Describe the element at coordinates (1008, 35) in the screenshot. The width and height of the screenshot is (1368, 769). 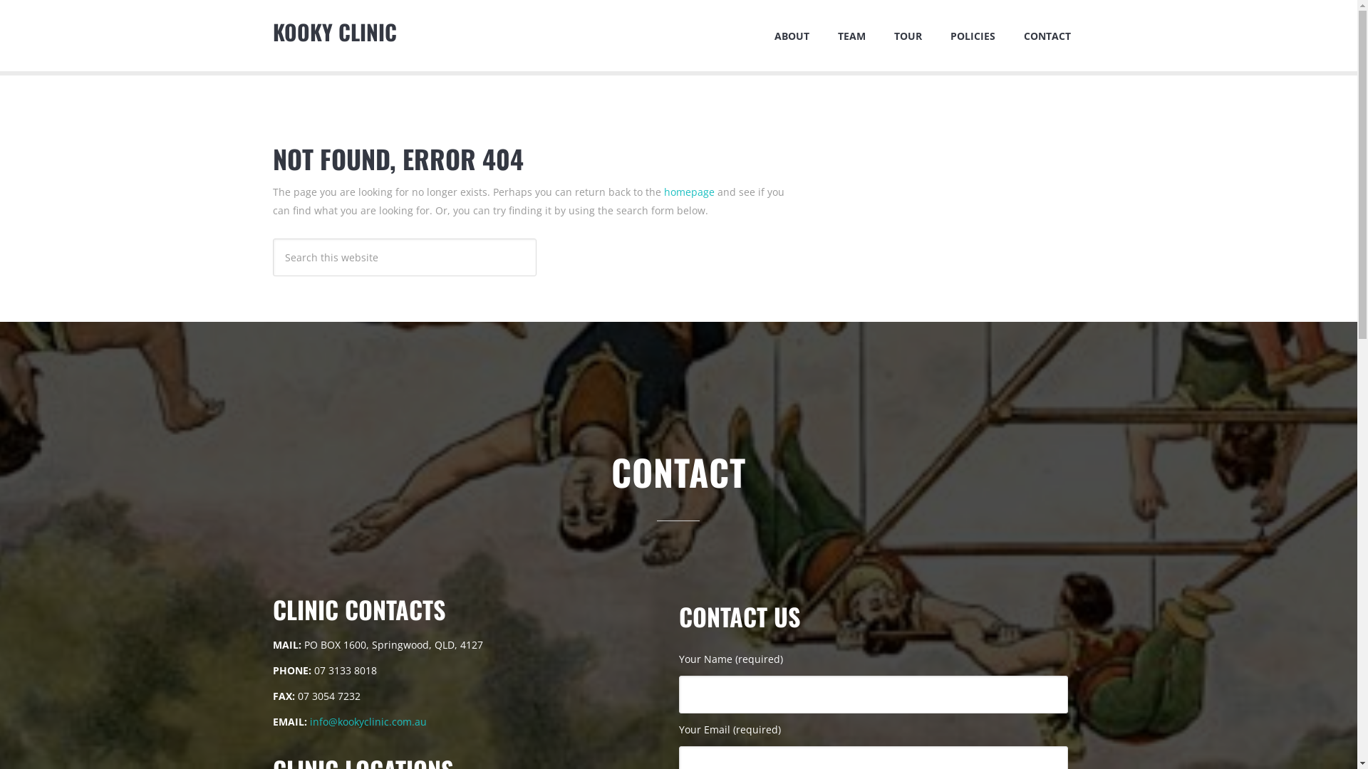
I see `'CONTACT'` at that location.